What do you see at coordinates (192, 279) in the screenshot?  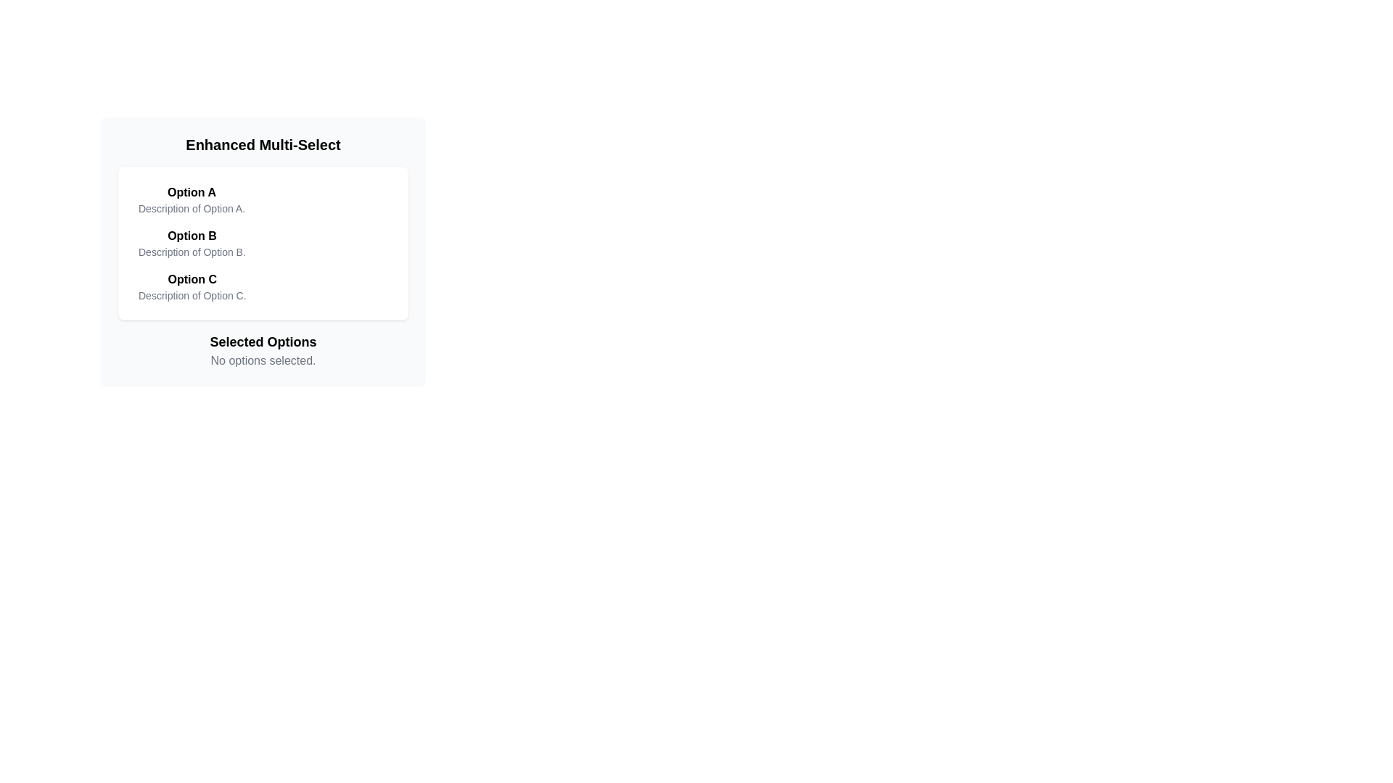 I see `text content of the third selectable option label under 'Enhanced Multi-Select', which is positioned between 'Option B' and the description for 'Option C'` at bounding box center [192, 279].